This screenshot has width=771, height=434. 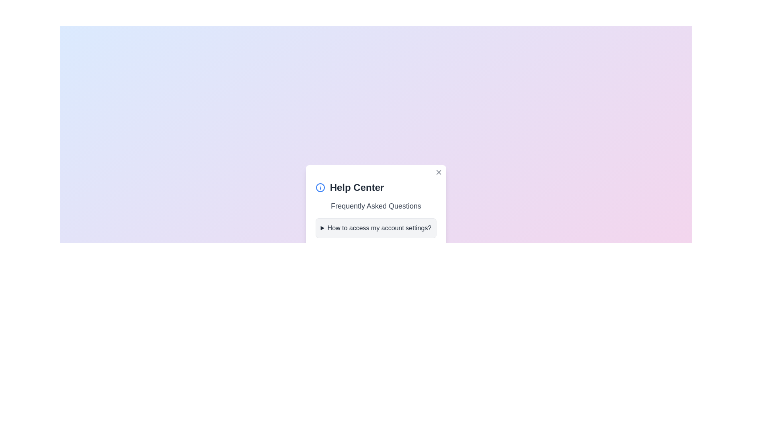 I want to click on the circular icon with a blue outline and white fill located in the Help Center dialog box near the title text, so click(x=320, y=187).